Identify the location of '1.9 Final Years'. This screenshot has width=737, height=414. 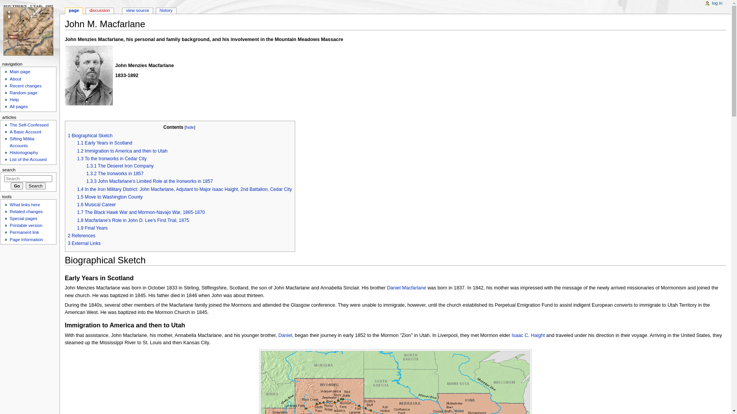
(92, 227).